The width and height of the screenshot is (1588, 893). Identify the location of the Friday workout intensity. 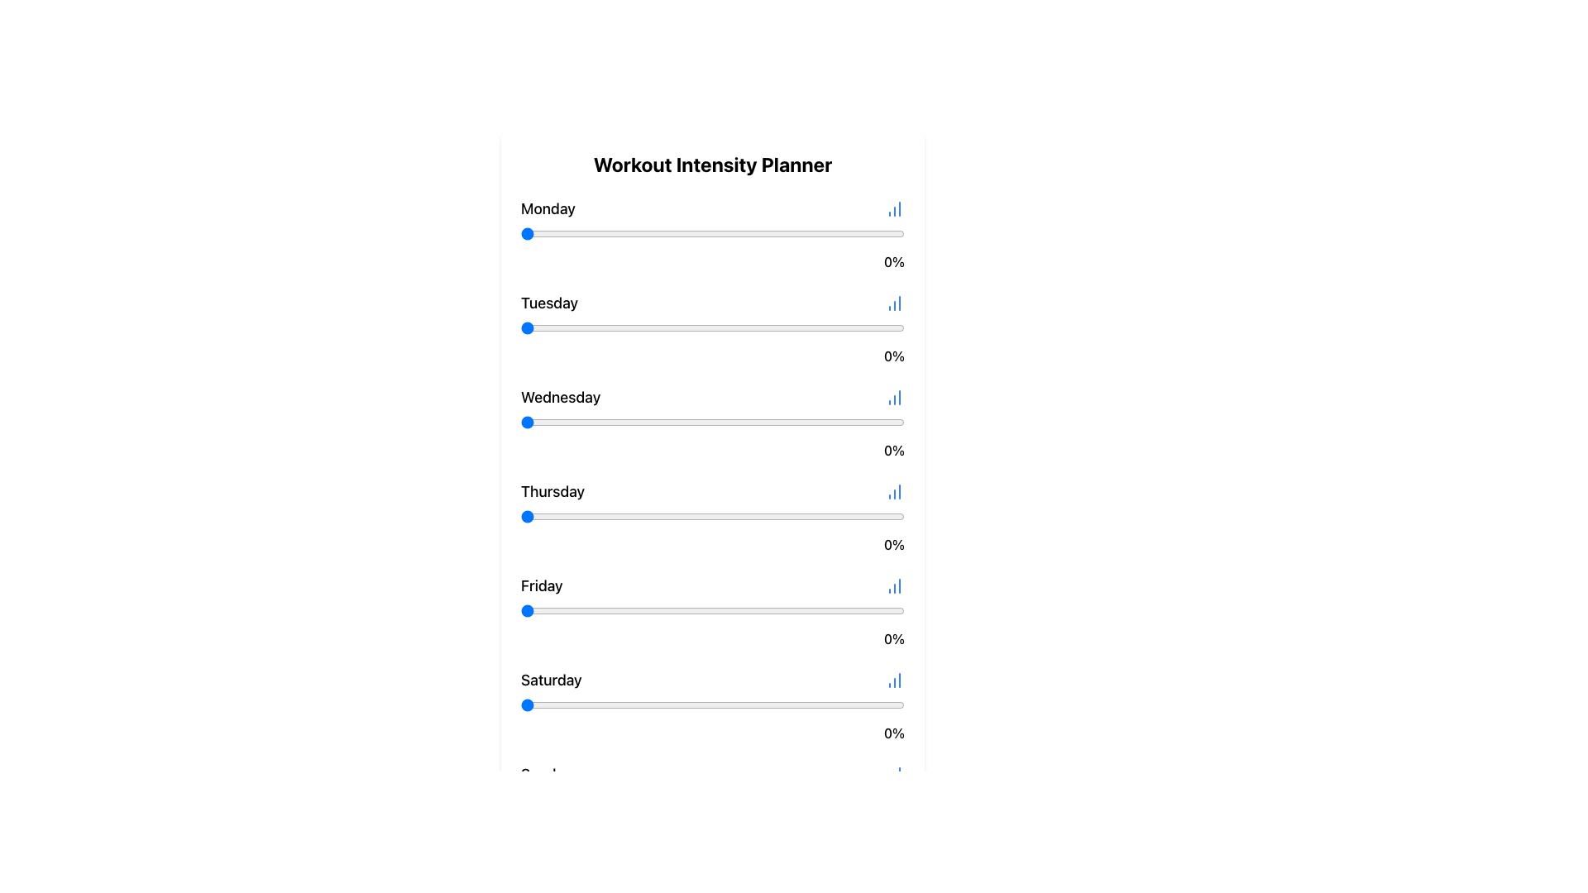
(540, 611).